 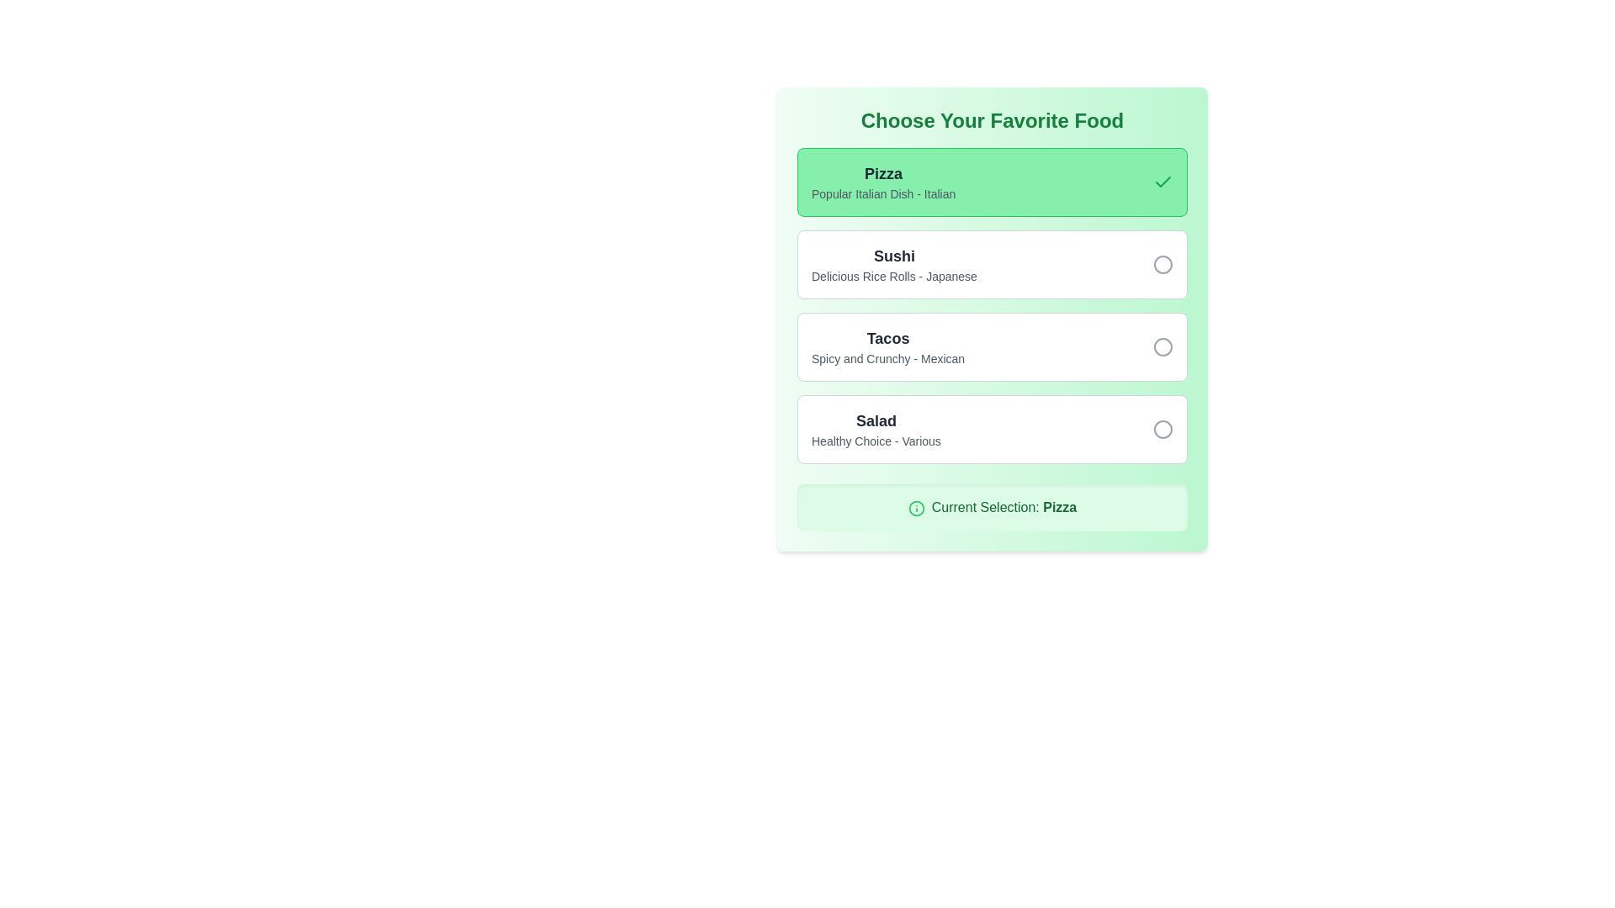 I want to click on text displayed in the heading that says 'Choose Your Favorite Food', which is styled in a bold font and centered at the top of the panel, so click(x=993, y=119).